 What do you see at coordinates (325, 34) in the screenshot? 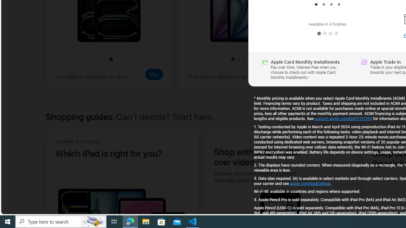
I see `'Blue'` at bounding box center [325, 34].